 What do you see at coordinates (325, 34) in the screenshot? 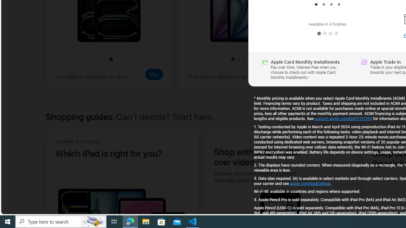
I see `'Blue'` at bounding box center [325, 34].